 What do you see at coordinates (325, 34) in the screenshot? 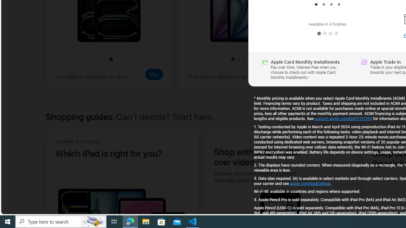
I see `'Blue'` at bounding box center [325, 34].